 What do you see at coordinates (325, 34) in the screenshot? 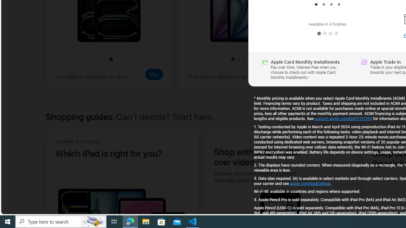
I see `'Blue'` at bounding box center [325, 34].